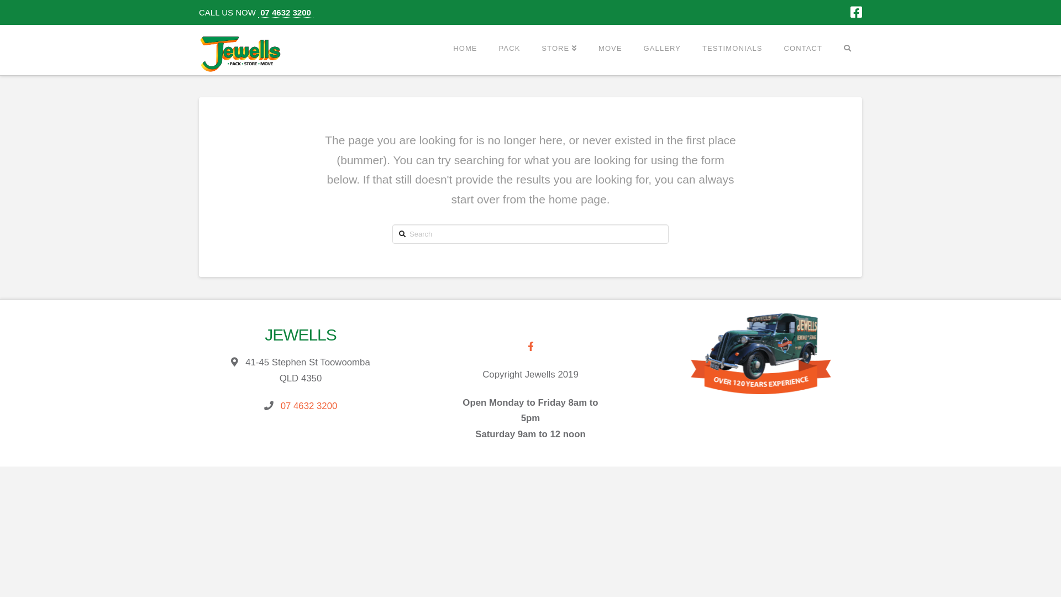 This screenshot has height=597, width=1061. What do you see at coordinates (508, 48) in the screenshot?
I see `'PACK'` at bounding box center [508, 48].